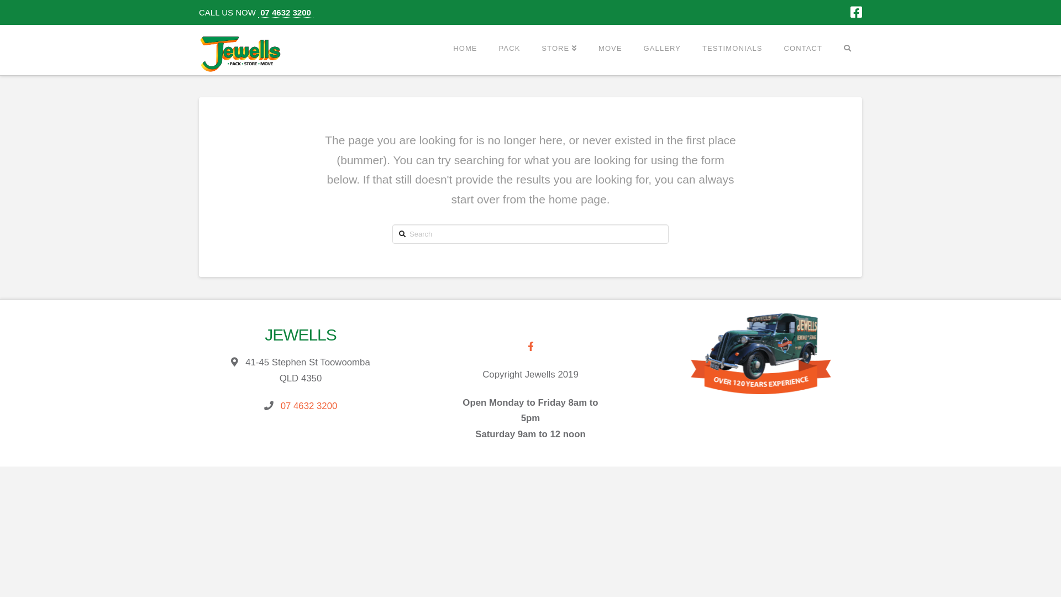 This screenshot has height=597, width=1061. What do you see at coordinates (508, 48) in the screenshot?
I see `'PACK'` at bounding box center [508, 48].